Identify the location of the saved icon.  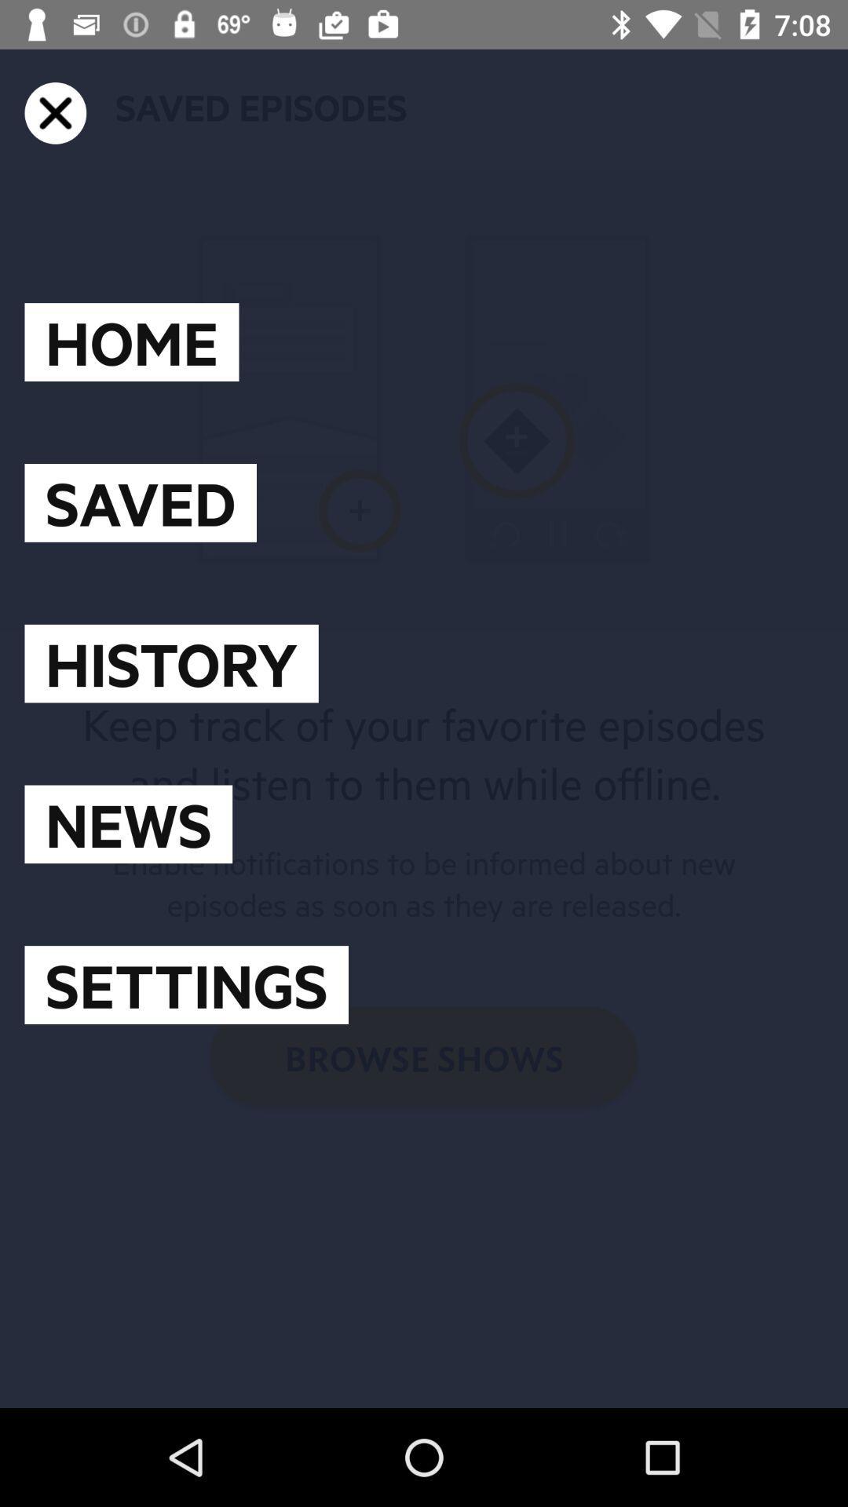
(140, 502).